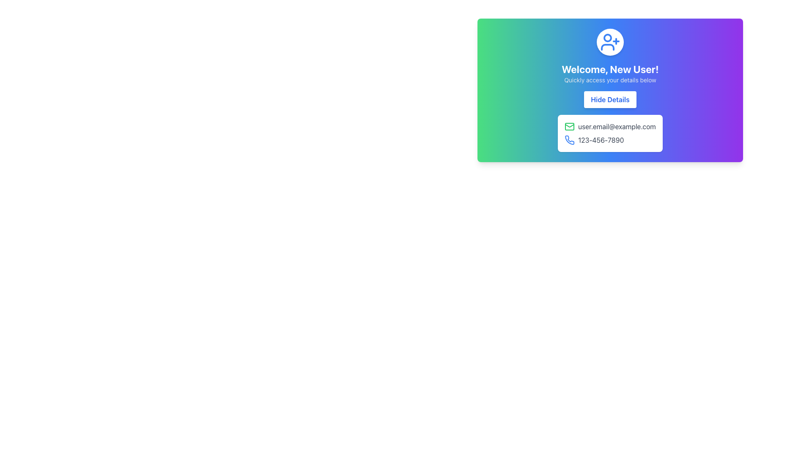 Image resolution: width=812 pixels, height=456 pixels. What do you see at coordinates (570, 139) in the screenshot?
I see `the phone number SVG icon located to the left of the text '123-456-7890', which visually represents contact information` at bounding box center [570, 139].